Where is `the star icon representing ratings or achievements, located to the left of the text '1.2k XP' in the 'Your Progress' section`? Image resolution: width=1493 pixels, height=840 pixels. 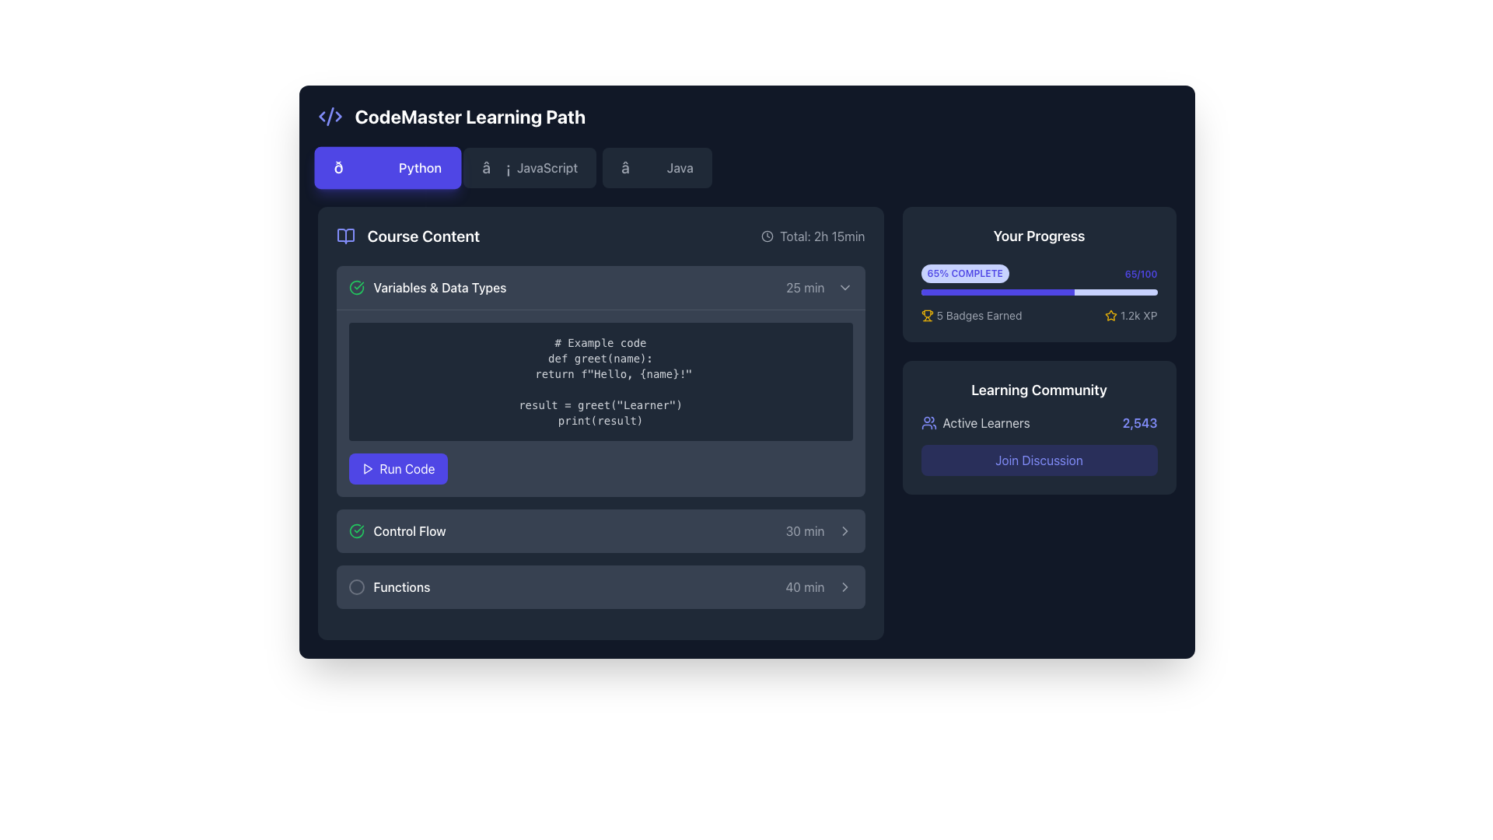 the star icon representing ratings or achievements, located to the left of the text '1.2k XP' in the 'Your Progress' section is located at coordinates (1110, 315).